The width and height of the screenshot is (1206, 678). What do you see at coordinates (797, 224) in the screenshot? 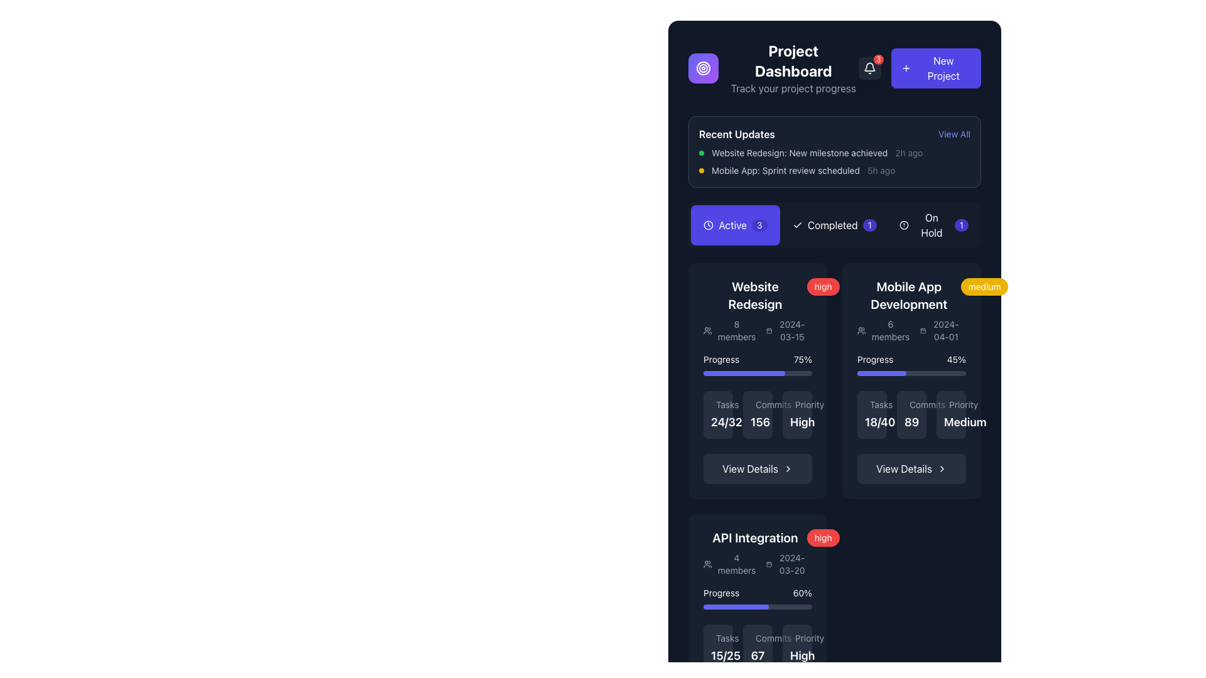
I see `the activated 'Completed' tab icon, which indicates completed tasks or projects, located in the second position from the left in the button group above the project cards` at bounding box center [797, 224].